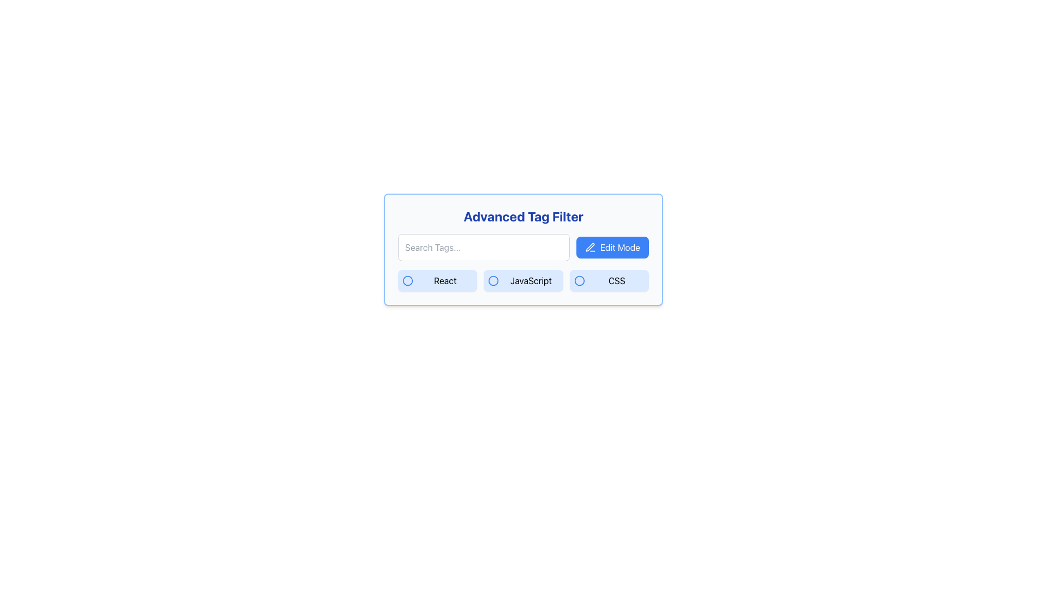 This screenshot has width=1047, height=589. I want to click on the 'Edit Mode' button with a blue background and white text, which is located in the upper-right corner of the interface, so click(612, 248).